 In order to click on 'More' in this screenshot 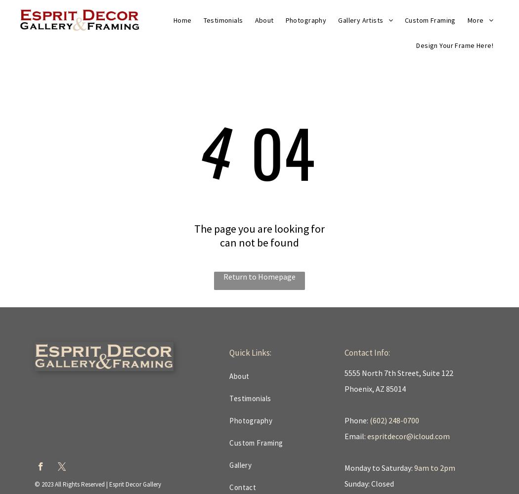, I will do `click(467, 20)`.